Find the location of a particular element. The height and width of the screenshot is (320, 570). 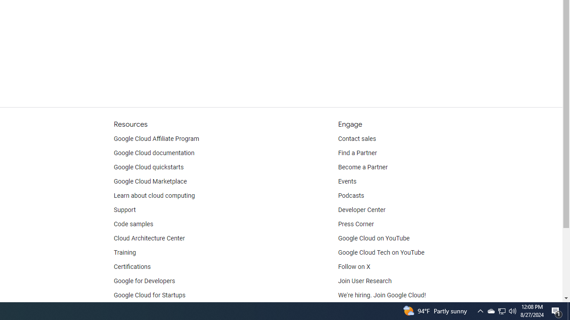

'Join User Research' is located at coordinates (365, 281).